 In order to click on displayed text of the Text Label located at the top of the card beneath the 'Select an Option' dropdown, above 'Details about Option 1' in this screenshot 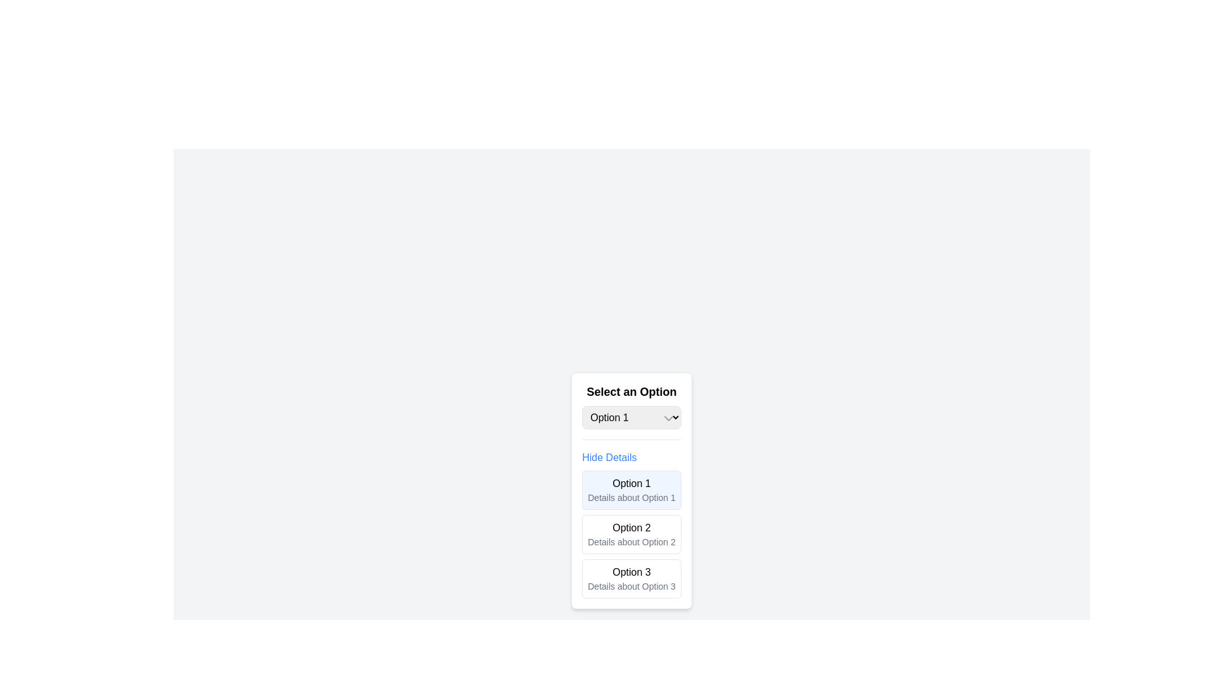, I will do `click(631, 483)`.